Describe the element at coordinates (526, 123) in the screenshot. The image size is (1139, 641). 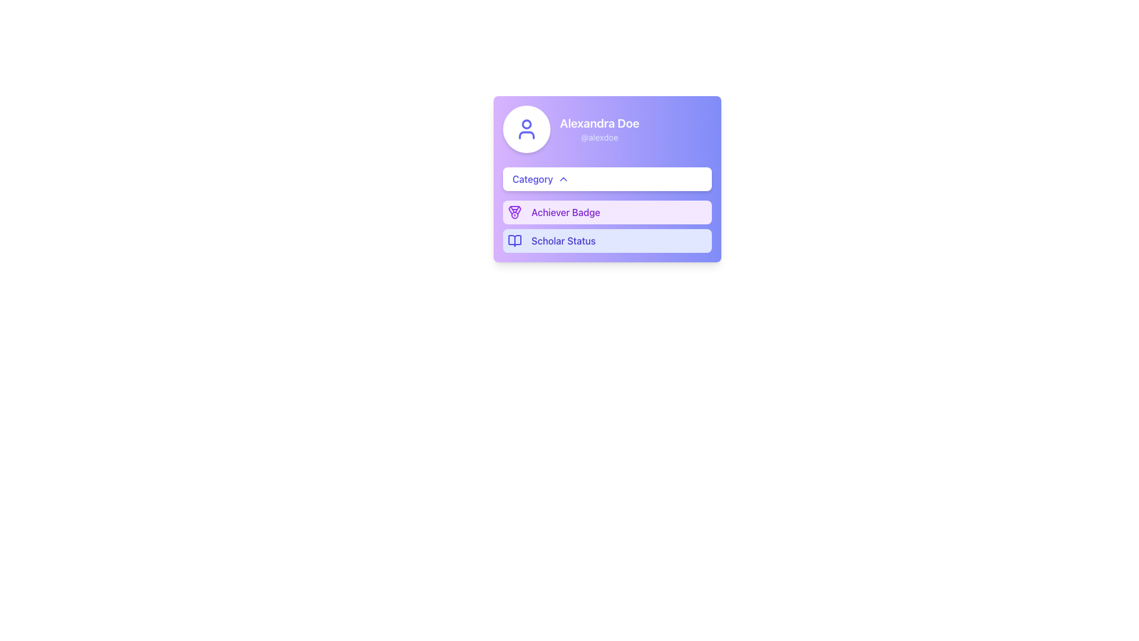
I see `the circular profile icon located at the top-left section of the card component, which features a purple background and is positioned adjacent to a textual header displaying user details` at that location.